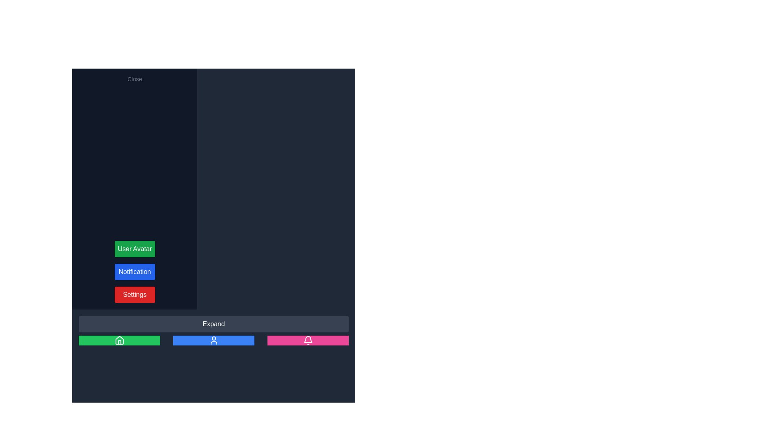 This screenshot has width=784, height=441. Describe the element at coordinates (119, 340) in the screenshot. I see `the green rectangular button with a house icon` at that location.